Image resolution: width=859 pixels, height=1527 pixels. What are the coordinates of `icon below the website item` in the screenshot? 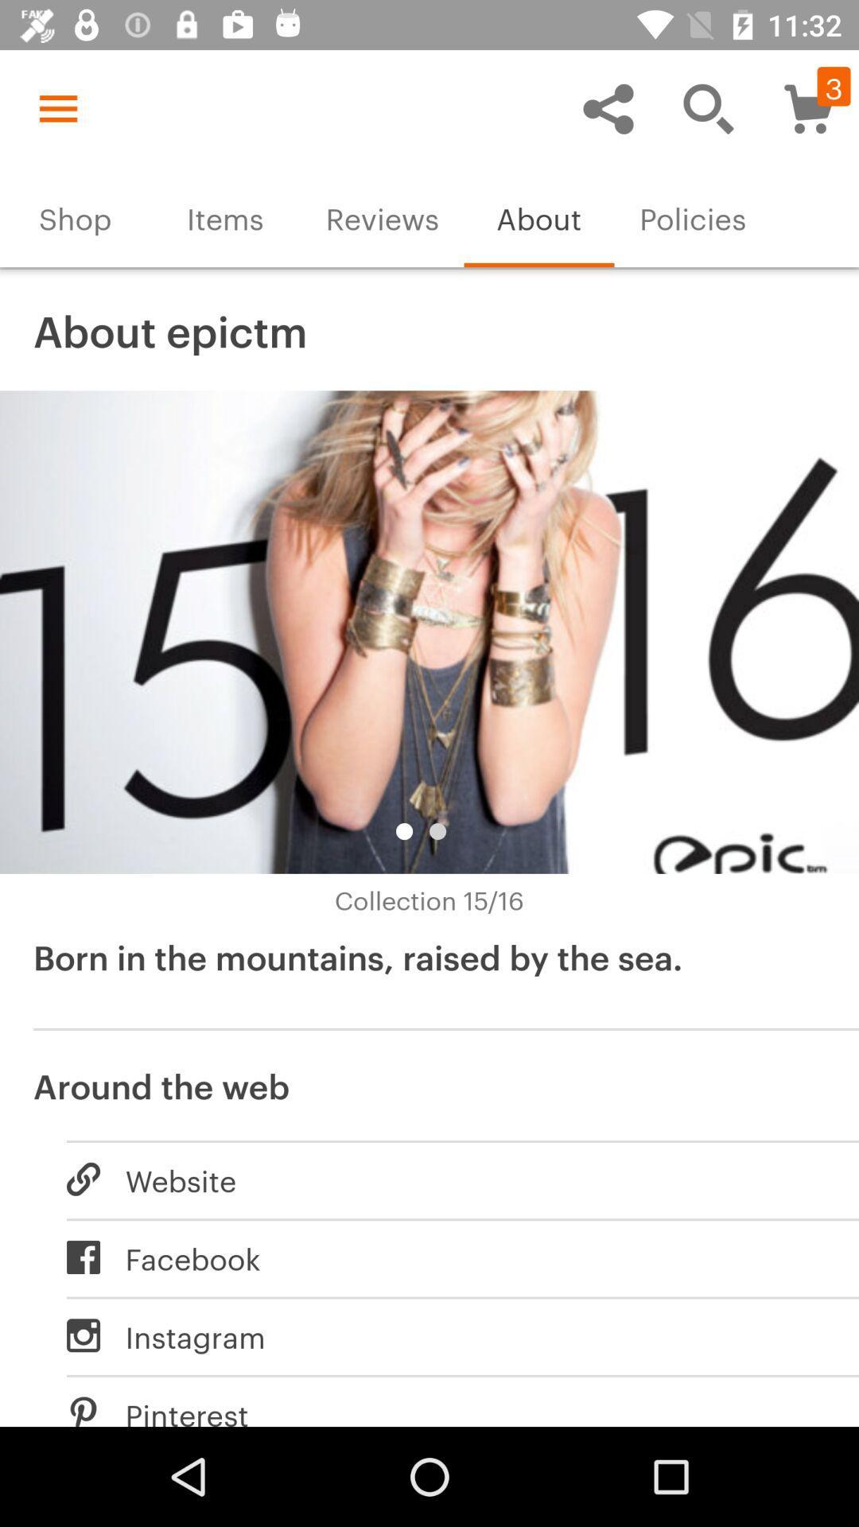 It's located at (445, 1257).